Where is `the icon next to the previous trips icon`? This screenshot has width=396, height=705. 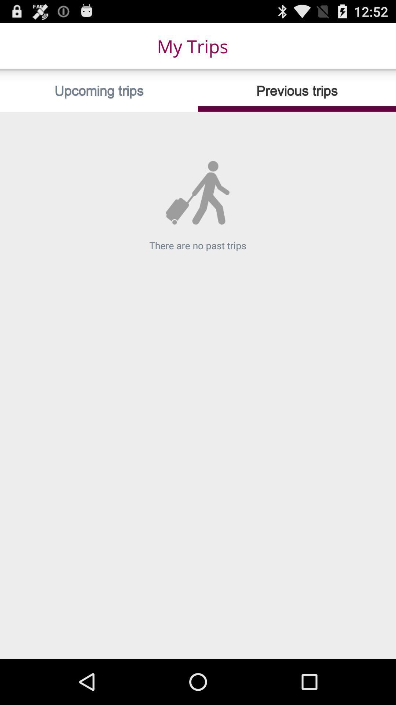 the icon next to the previous trips icon is located at coordinates (99, 91).